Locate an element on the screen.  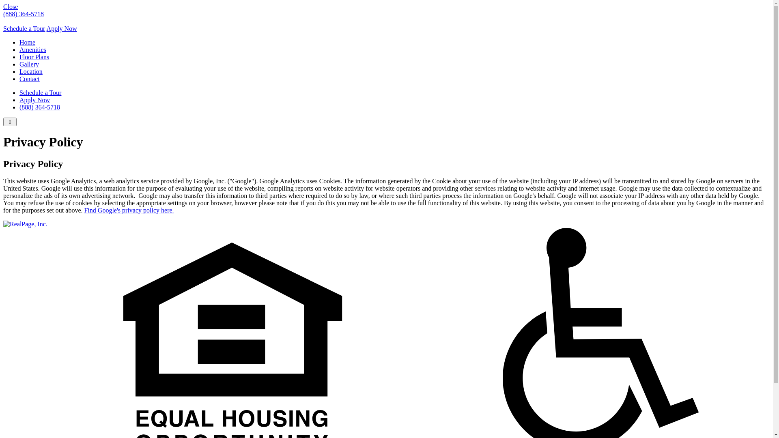
'Find Google's privacy policy here.' is located at coordinates (84, 210).